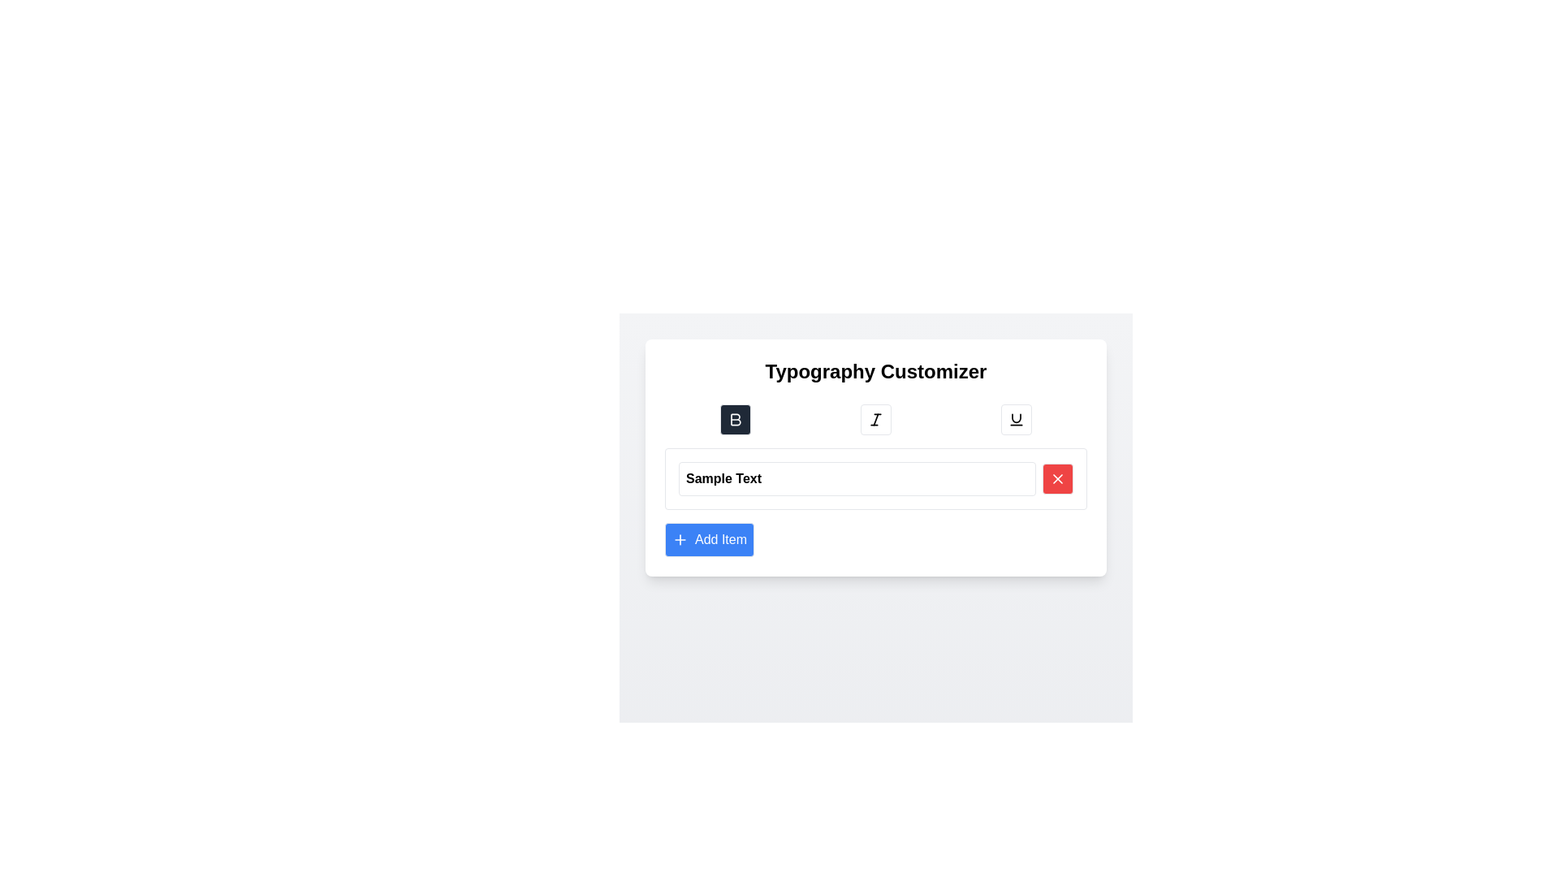 The image size is (1559, 877). What do you see at coordinates (735, 418) in the screenshot?
I see `the bold formatting icon button located at the center-left of the typography customization tool interface` at bounding box center [735, 418].